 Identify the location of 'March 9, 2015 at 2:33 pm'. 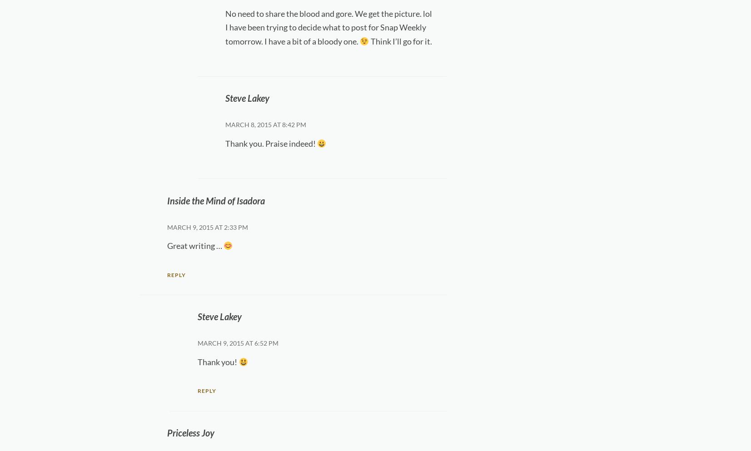
(207, 227).